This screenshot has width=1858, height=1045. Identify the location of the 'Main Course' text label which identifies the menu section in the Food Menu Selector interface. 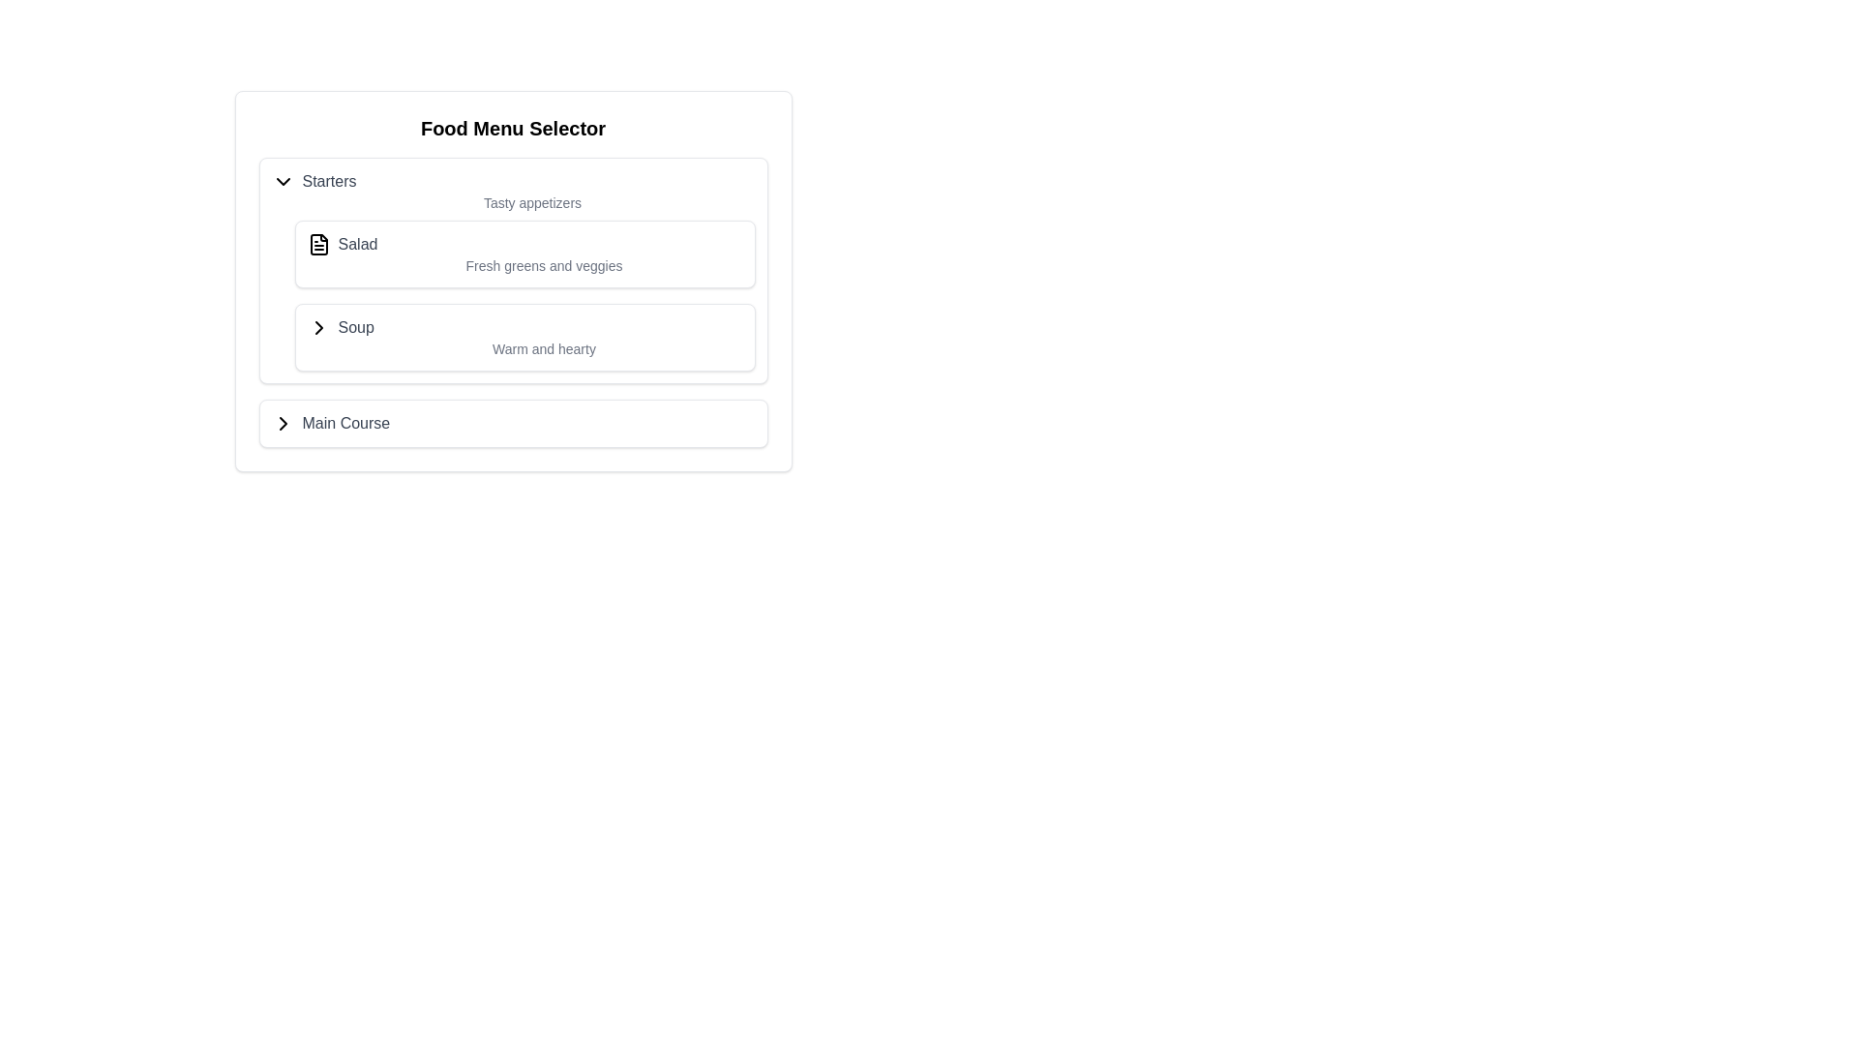
(345, 423).